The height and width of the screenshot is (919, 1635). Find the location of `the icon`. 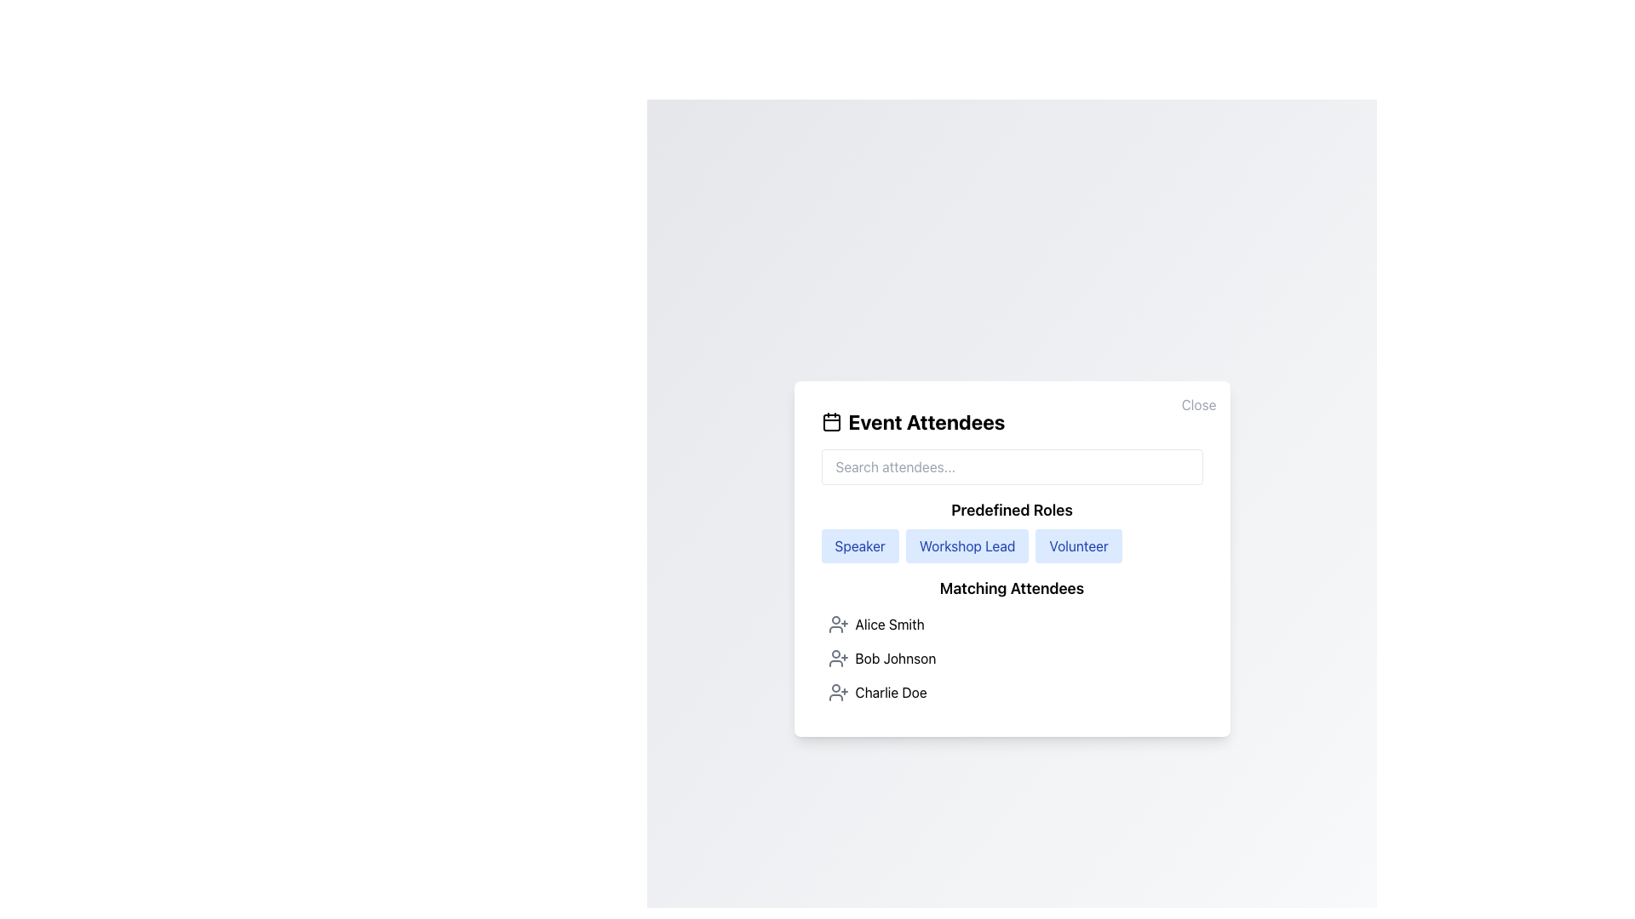

the icon is located at coordinates (838, 658).